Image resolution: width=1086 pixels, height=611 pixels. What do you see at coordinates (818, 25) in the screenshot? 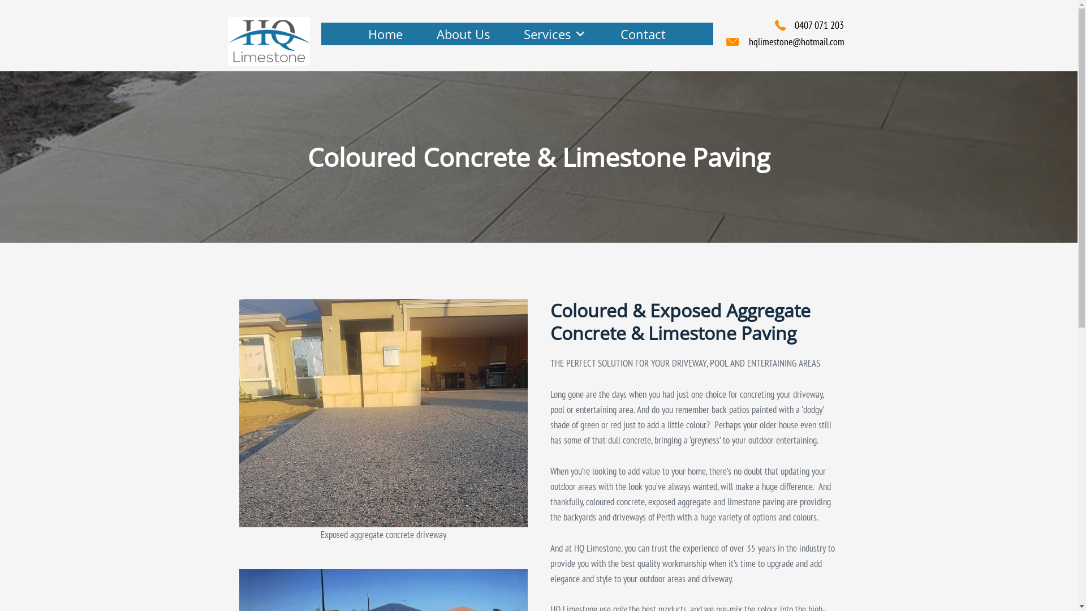
I see `'0407 071 203'` at bounding box center [818, 25].